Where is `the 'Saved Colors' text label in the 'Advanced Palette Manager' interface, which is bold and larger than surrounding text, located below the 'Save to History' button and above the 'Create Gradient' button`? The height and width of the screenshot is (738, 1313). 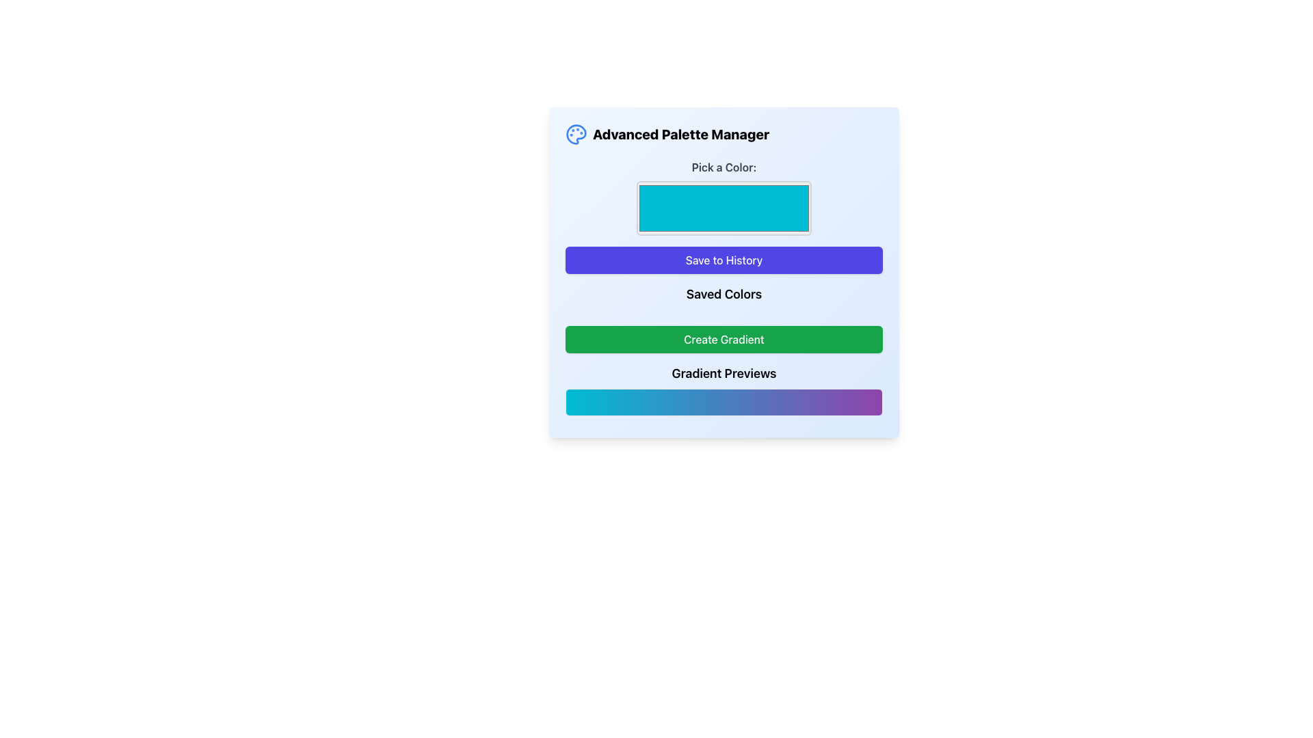 the 'Saved Colors' text label in the 'Advanced Palette Manager' interface, which is bold and larger than surrounding text, located below the 'Save to History' button and above the 'Create Gradient' button is located at coordinates (724, 297).